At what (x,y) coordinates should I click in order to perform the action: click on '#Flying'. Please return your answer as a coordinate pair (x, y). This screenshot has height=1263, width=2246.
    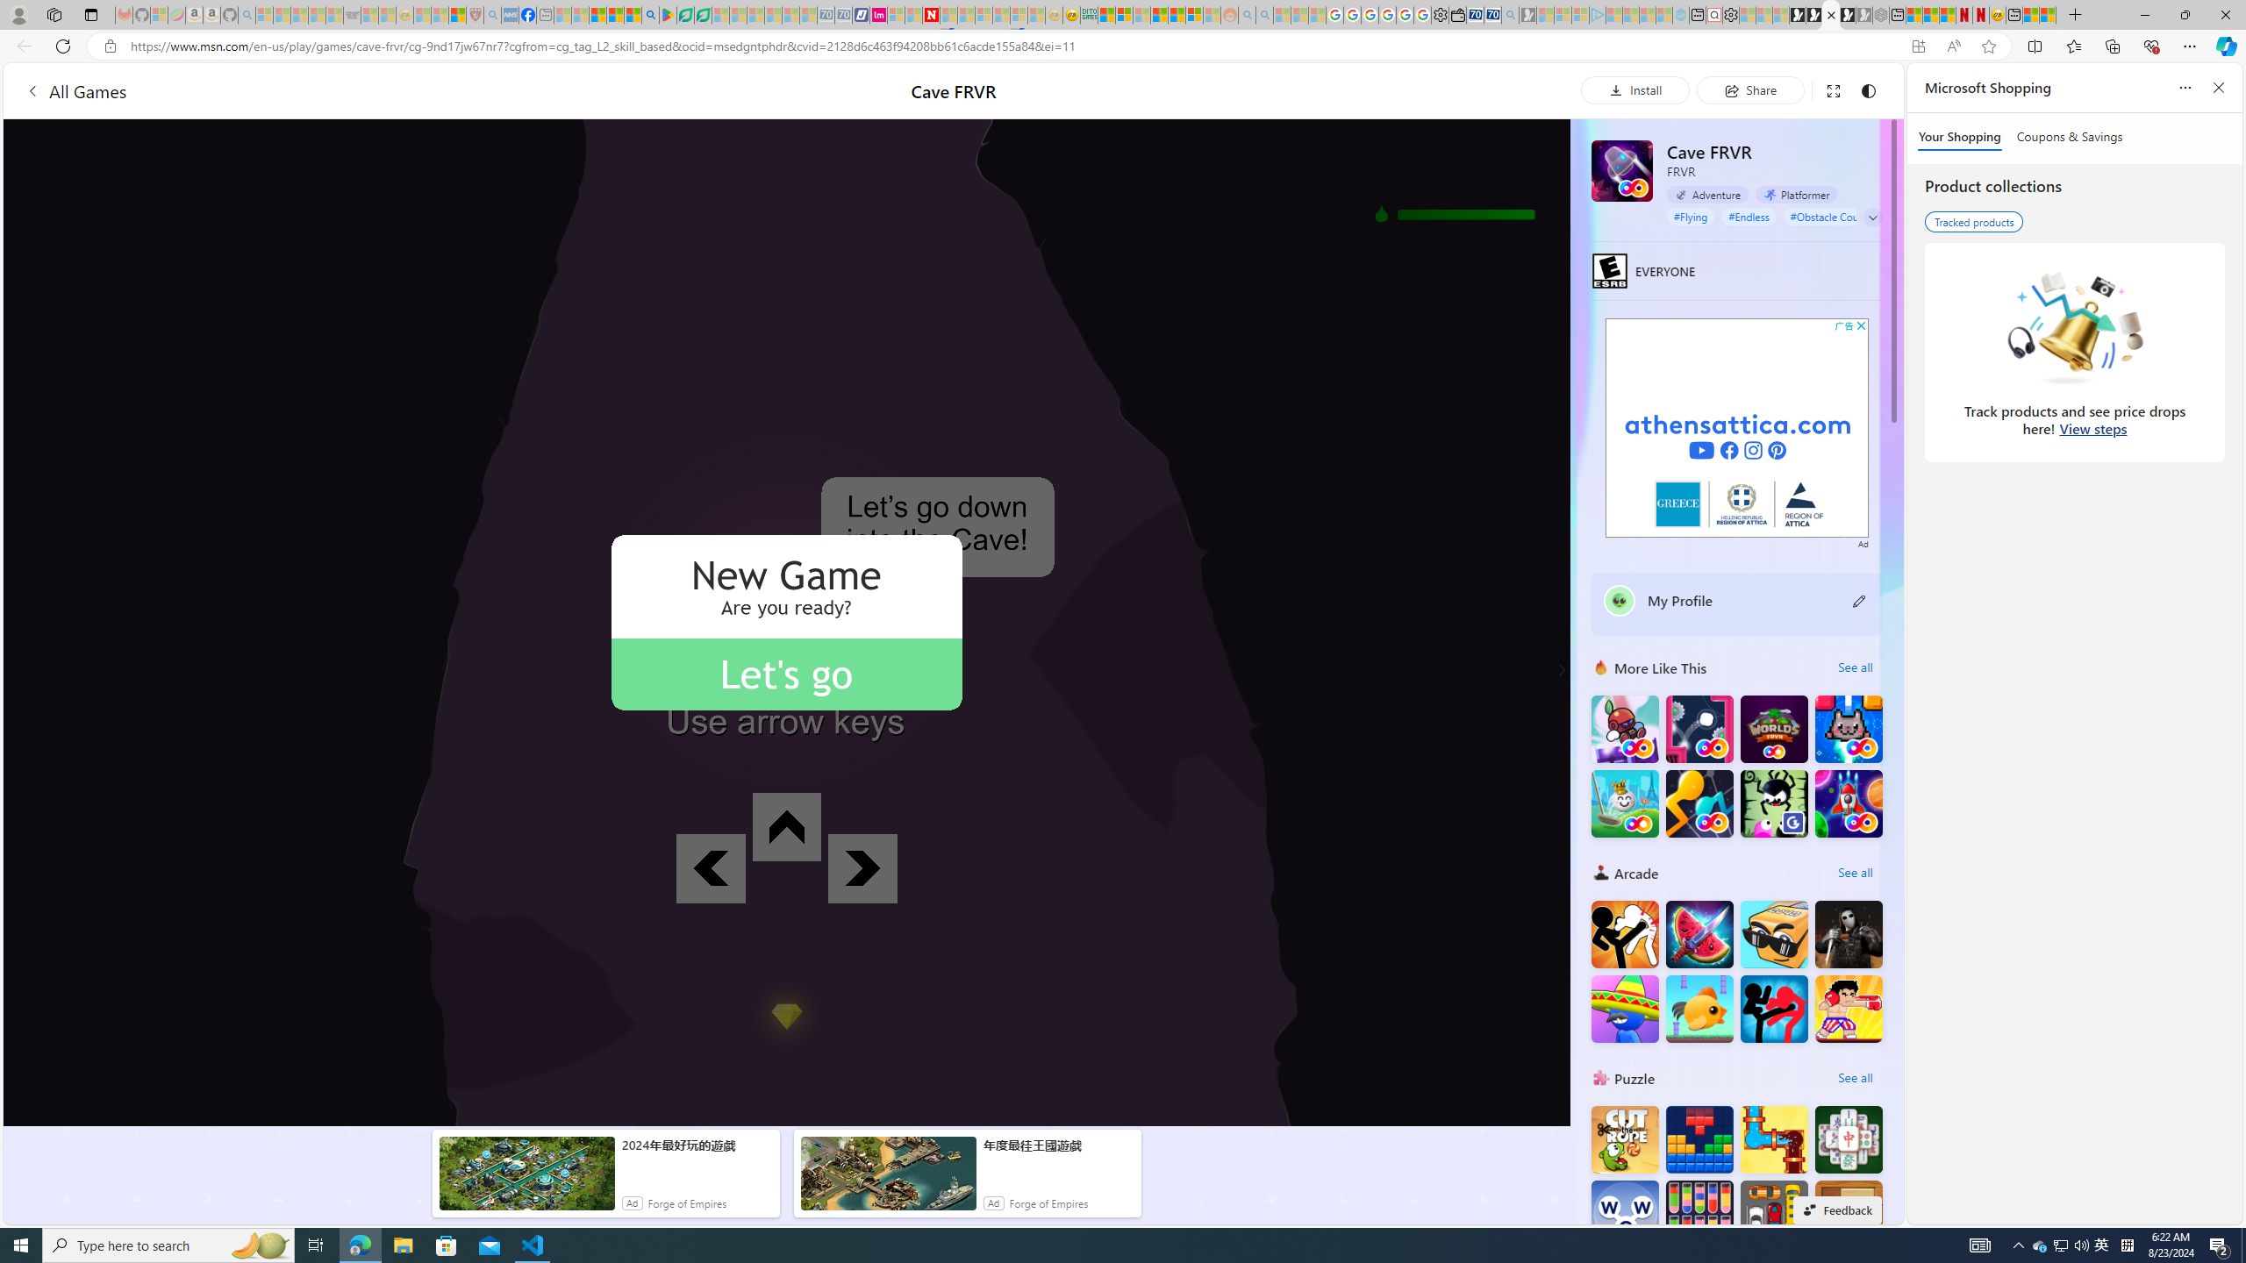
    Looking at the image, I should click on (1691, 215).